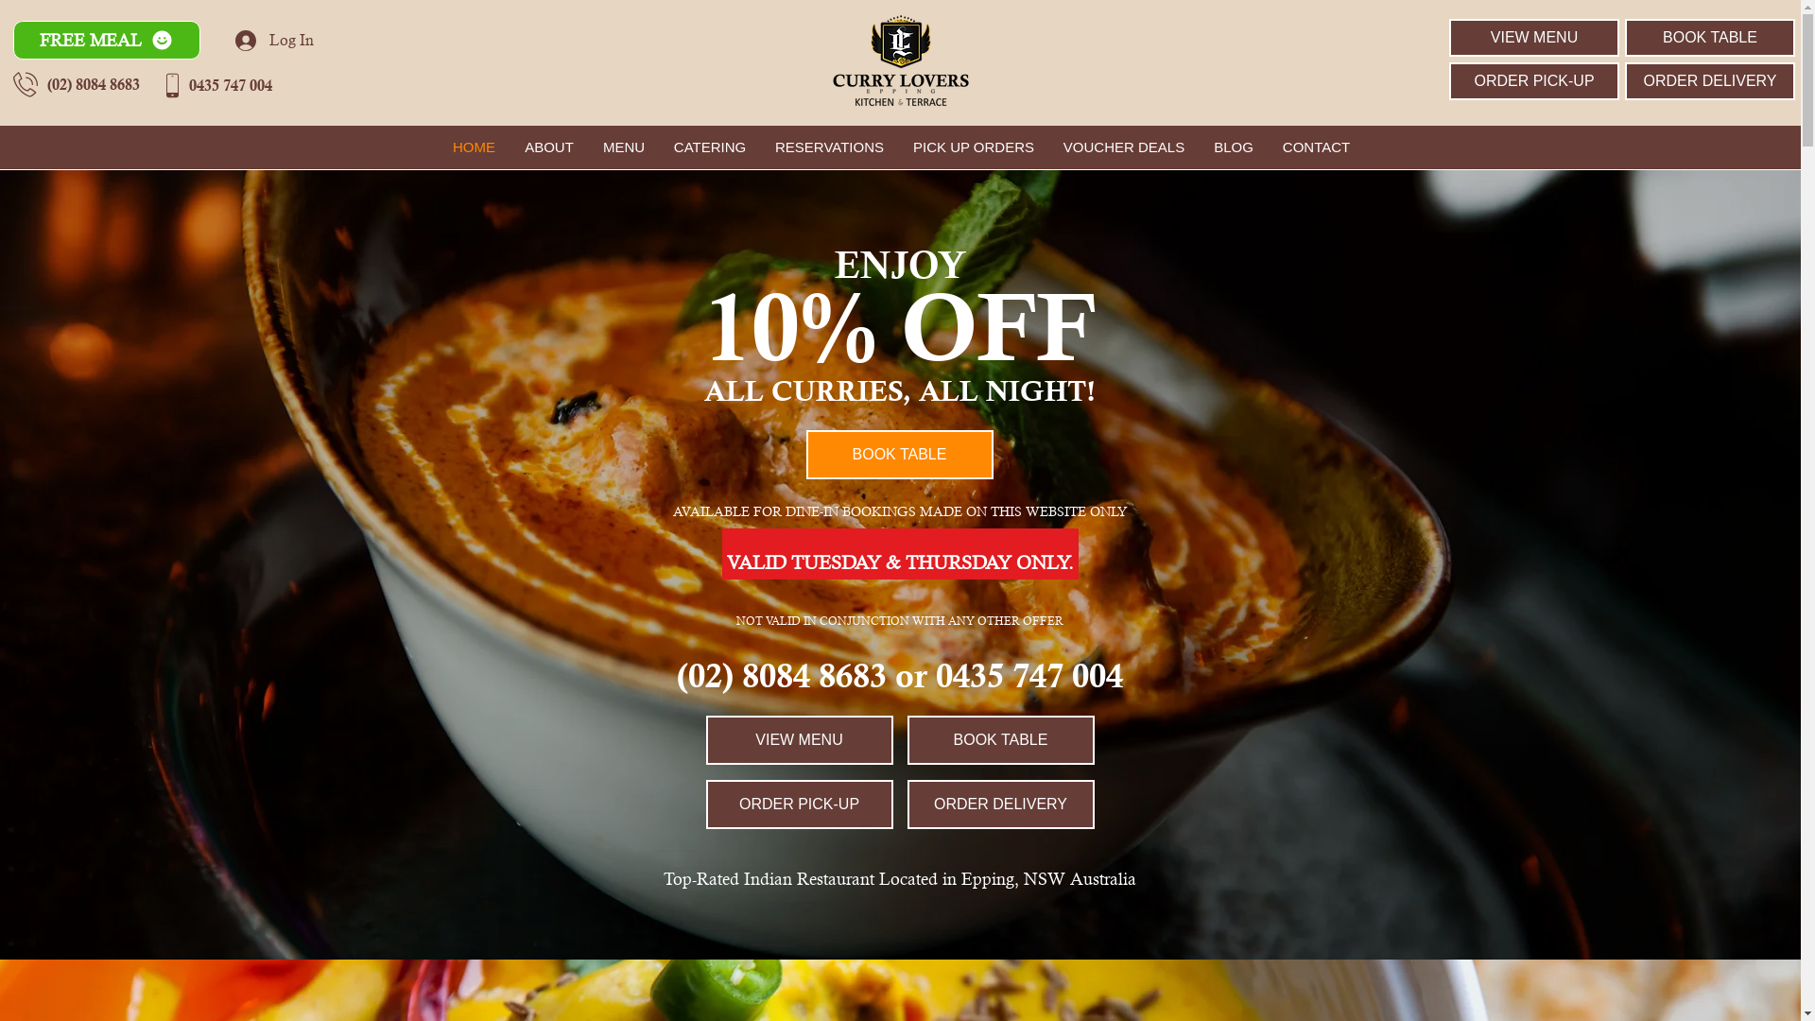  I want to click on 'CATERING', so click(709, 146).